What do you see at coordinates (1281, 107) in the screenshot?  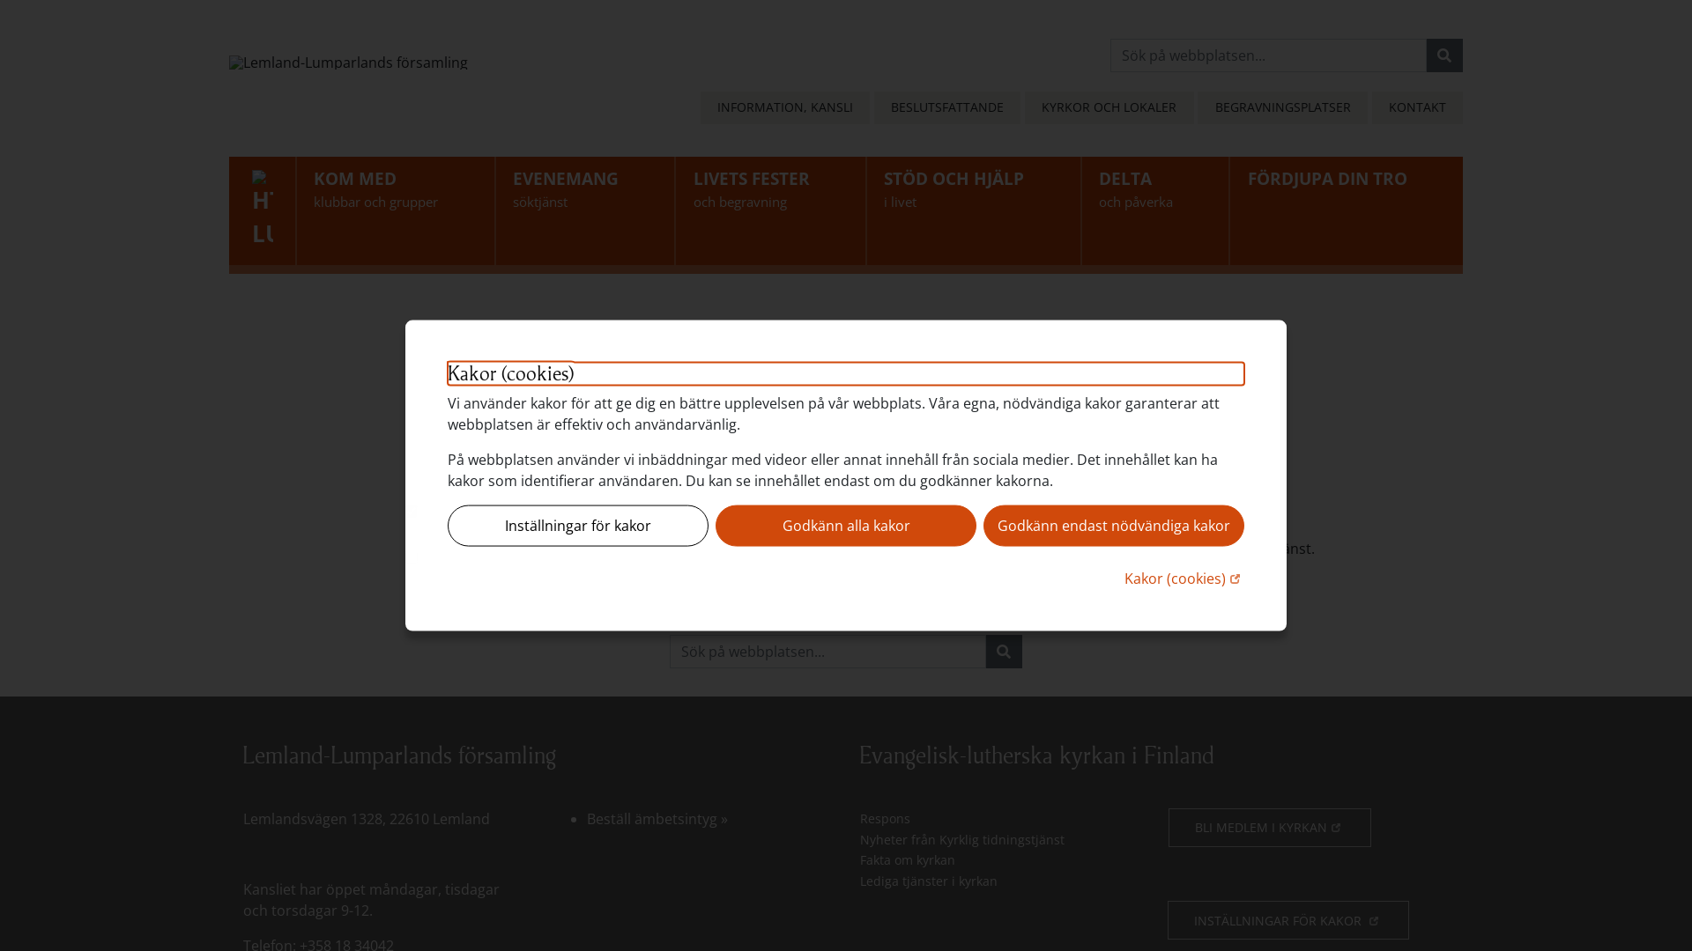 I see `'BEGRAVNINGSPLATSER'` at bounding box center [1281, 107].